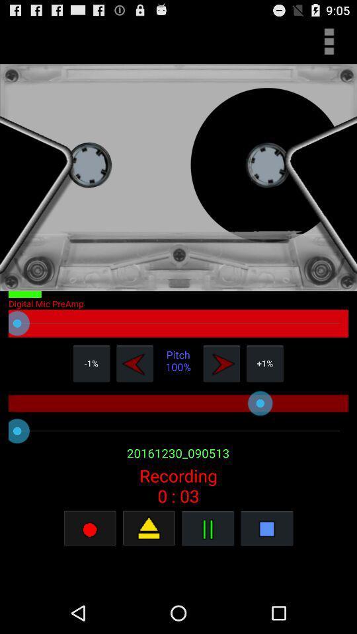 This screenshot has height=634, width=357. What do you see at coordinates (134, 363) in the screenshot?
I see `lower pitch` at bounding box center [134, 363].